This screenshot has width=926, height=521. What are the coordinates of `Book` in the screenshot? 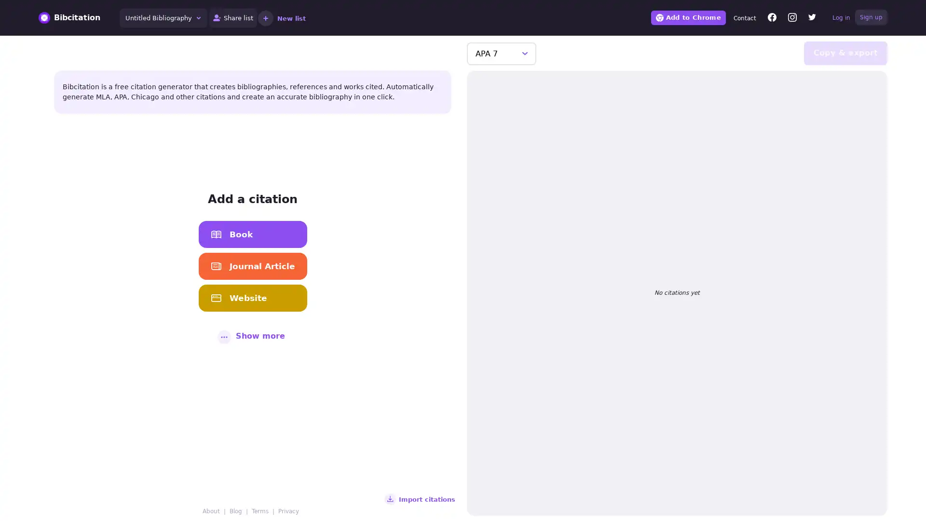 It's located at (252, 234).